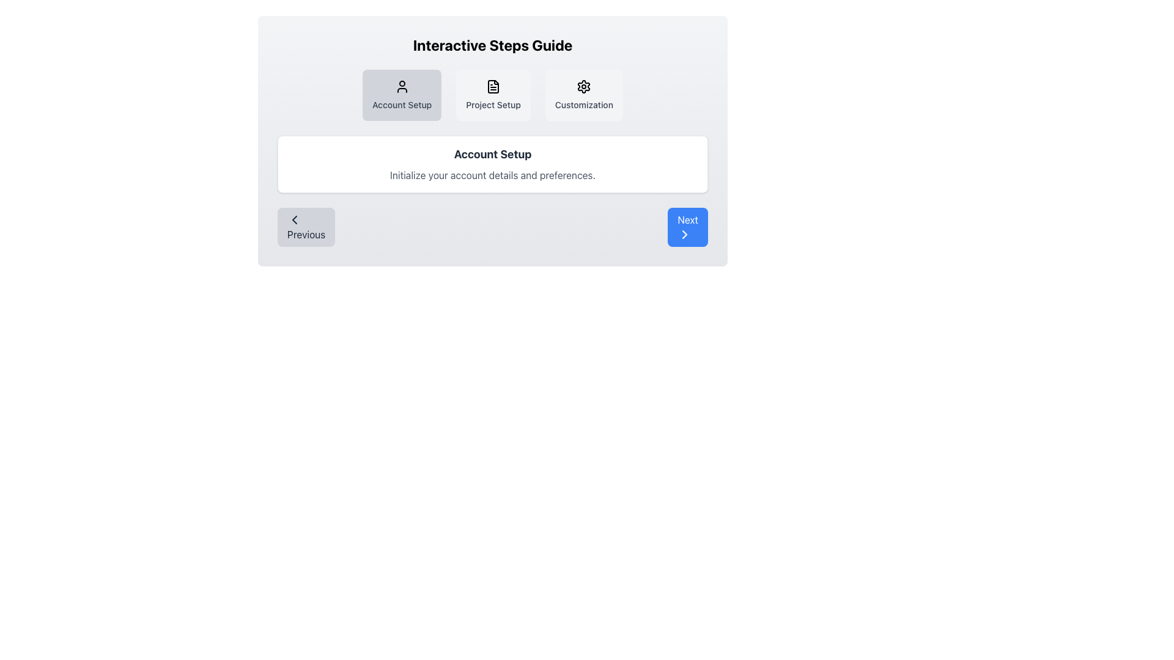 This screenshot has width=1174, height=660. I want to click on the gear-shaped settings icon located in the 'Interactive Steps Guide' section, which is the rightmost icon among three in the 'Customization' step, so click(583, 86).